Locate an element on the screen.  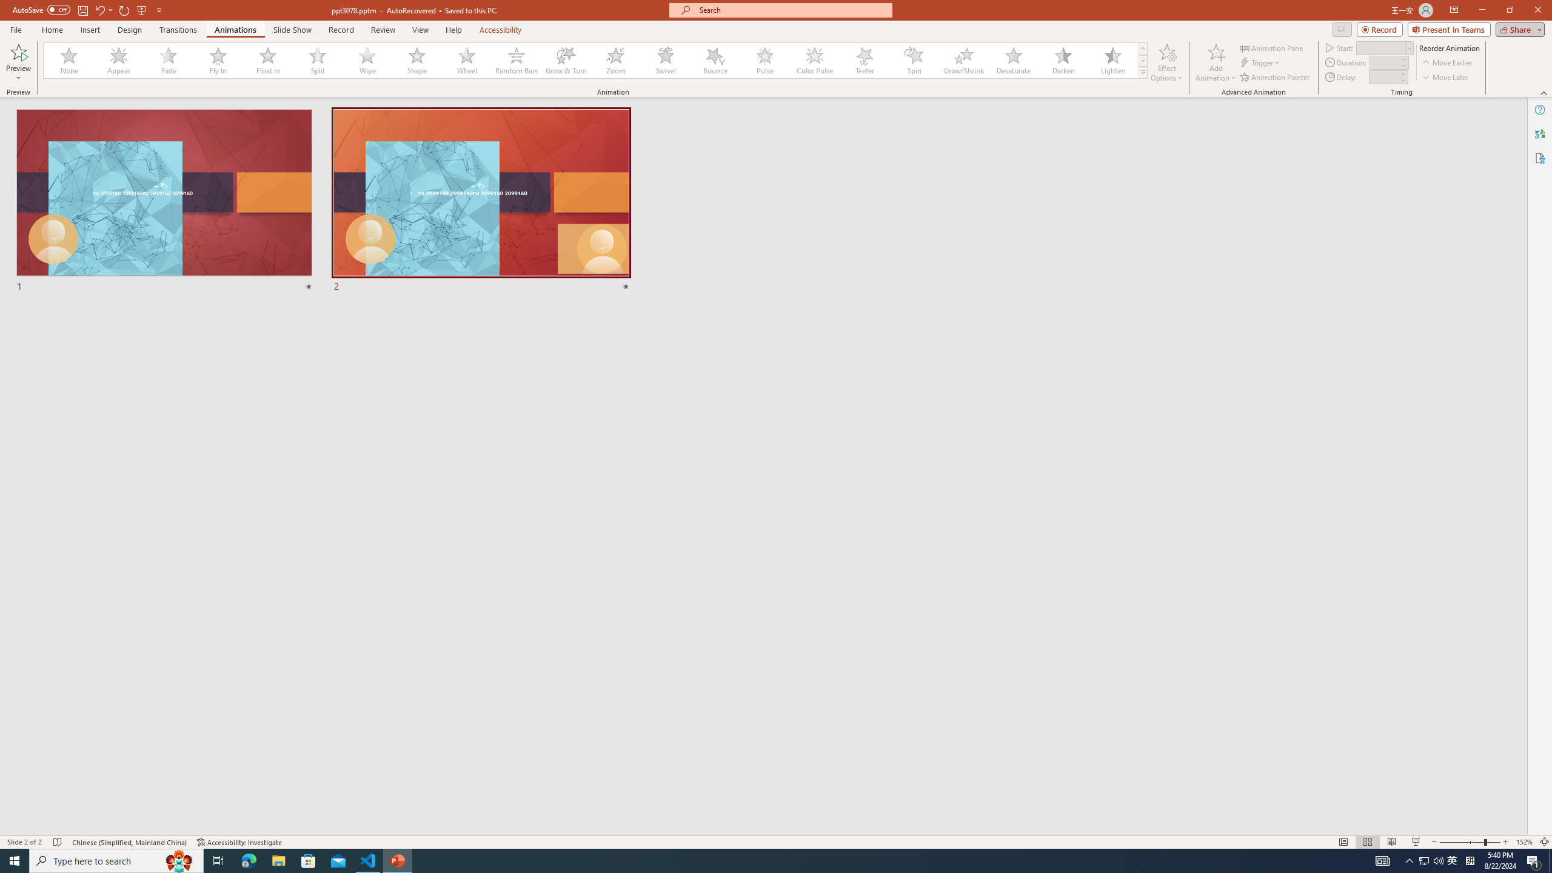
'Shape' is located at coordinates (417, 60).